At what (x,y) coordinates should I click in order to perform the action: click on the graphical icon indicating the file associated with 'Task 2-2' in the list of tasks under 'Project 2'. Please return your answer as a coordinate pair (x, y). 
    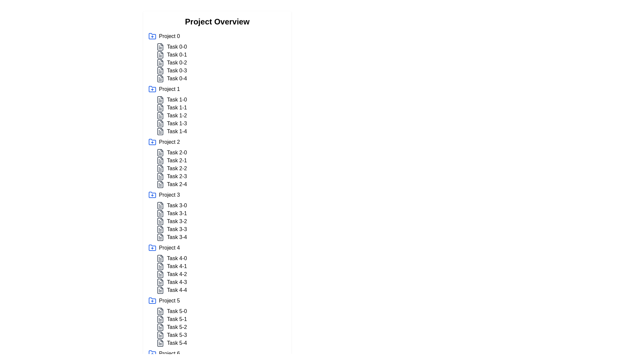
    Looking at the image, I should click on (160, 176).